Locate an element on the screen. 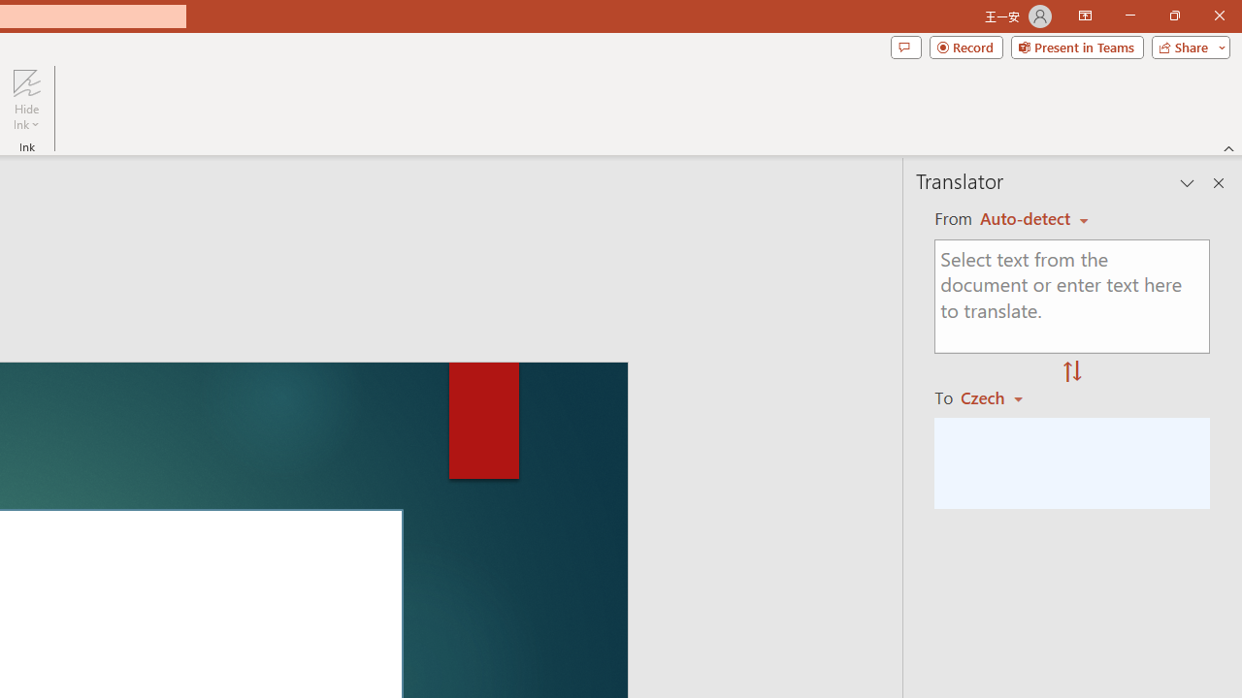  'Auto-detect' is located at coordinates (1033, 218).